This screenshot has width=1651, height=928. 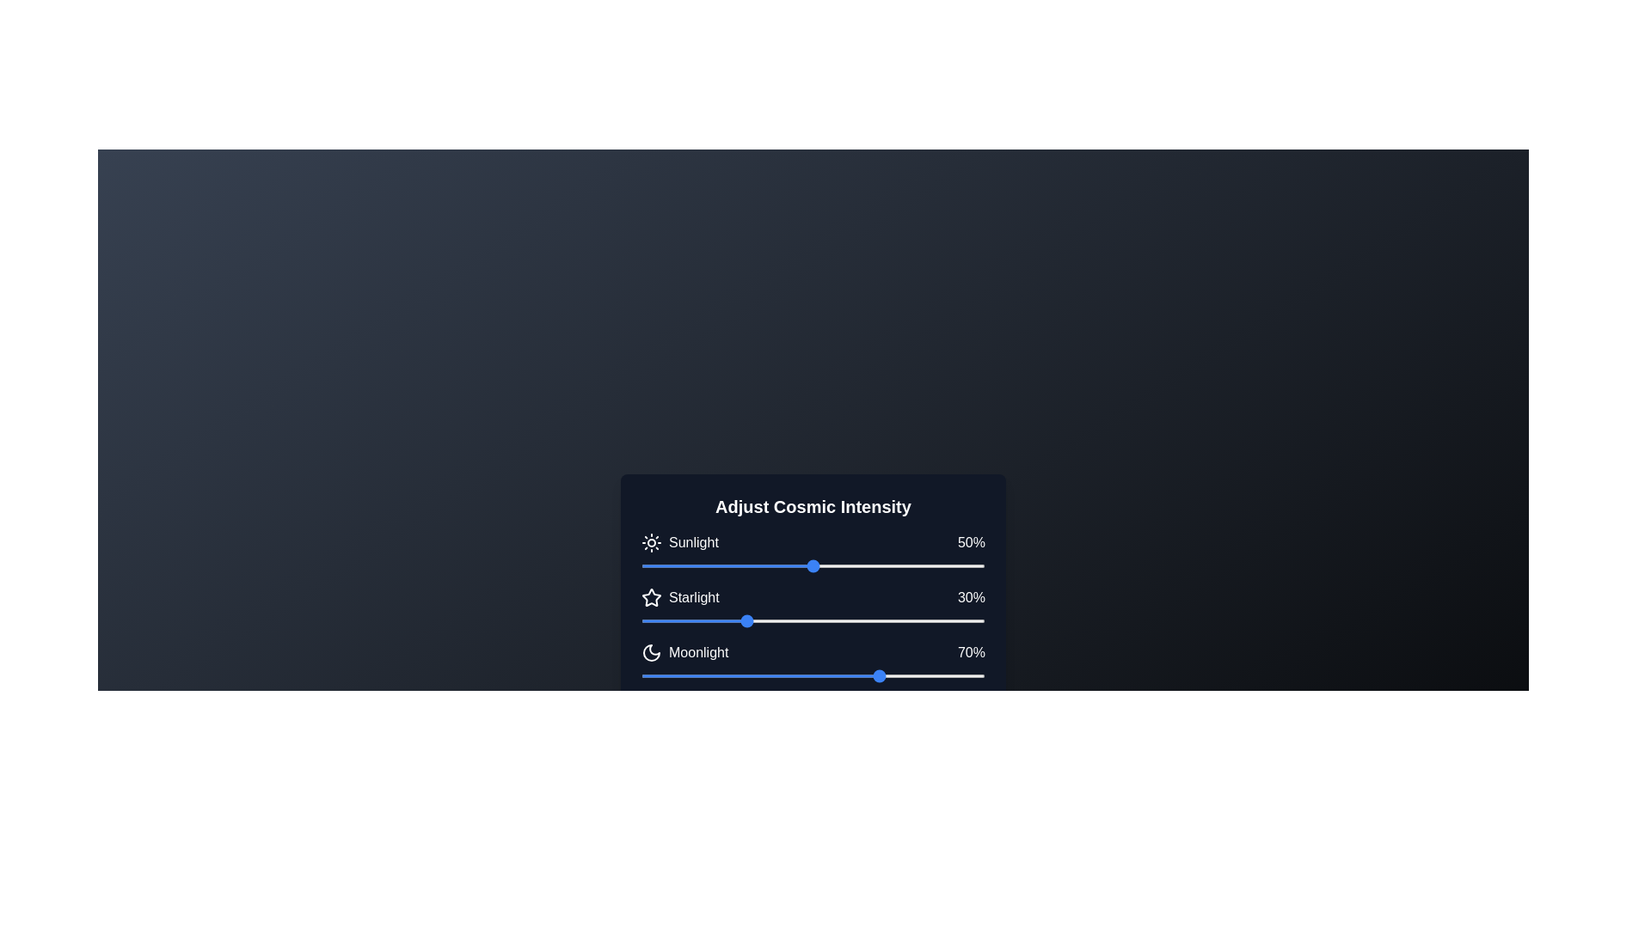 What do you see at coordinates (667, 566) in the screenshot?
I see `the 'Sunlight' slider to 8% intensity` at bounding box center [667, 566].